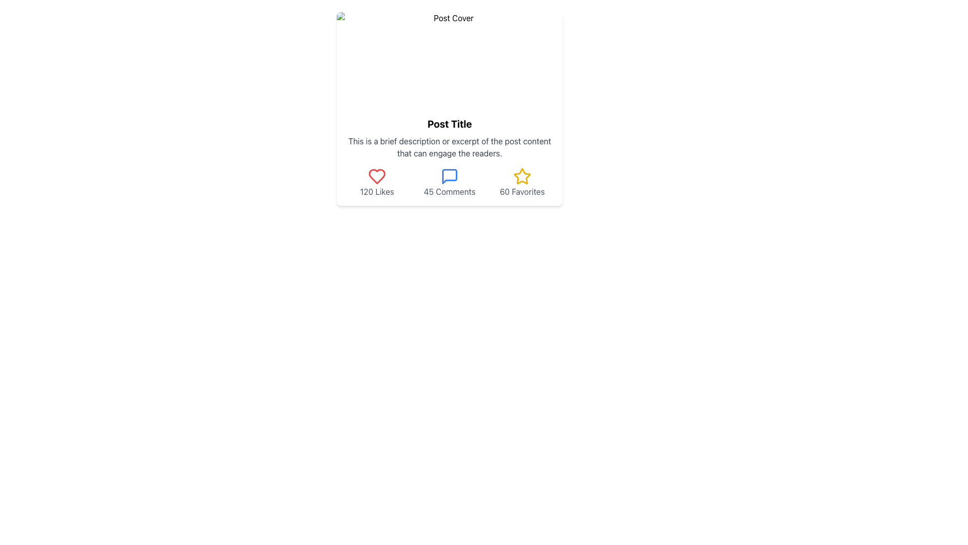 This screenshot has width=968, height=545. What do you see at coordinates (377, 176) in the screenshot?
I see `the red heart icon positioned above the '120 Likes' label in the user interface` at bounding box center [377, 176].